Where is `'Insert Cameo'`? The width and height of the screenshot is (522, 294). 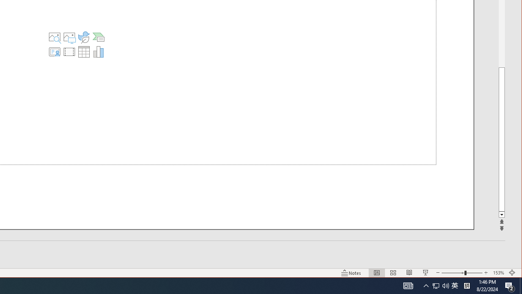
'Insert Cameo' is located at coordinates (54, 52).